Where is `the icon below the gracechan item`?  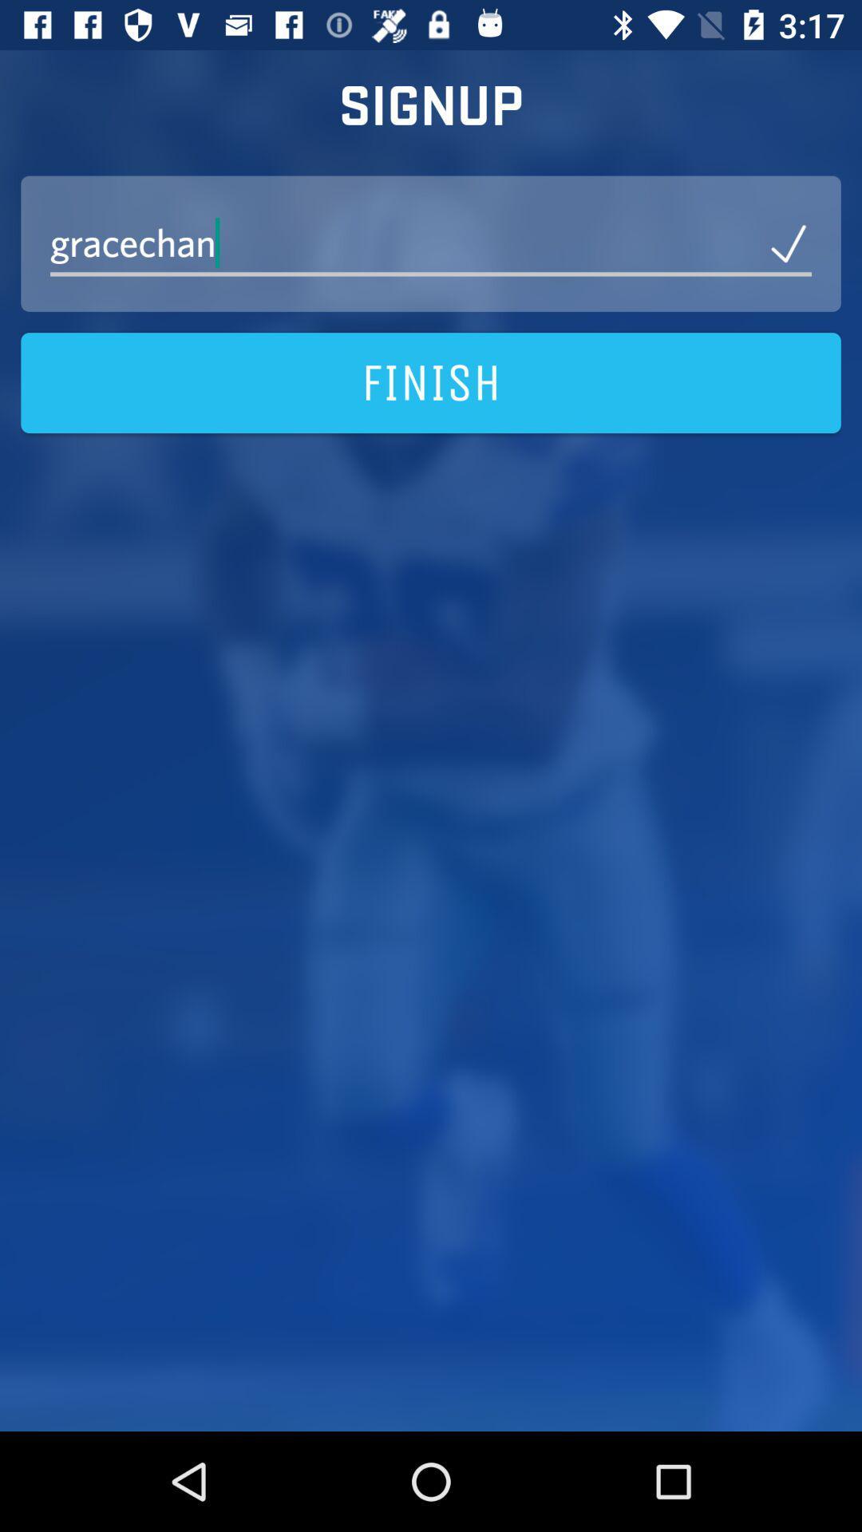
the icon below the gracechan item is located at coordinates (431, 383).